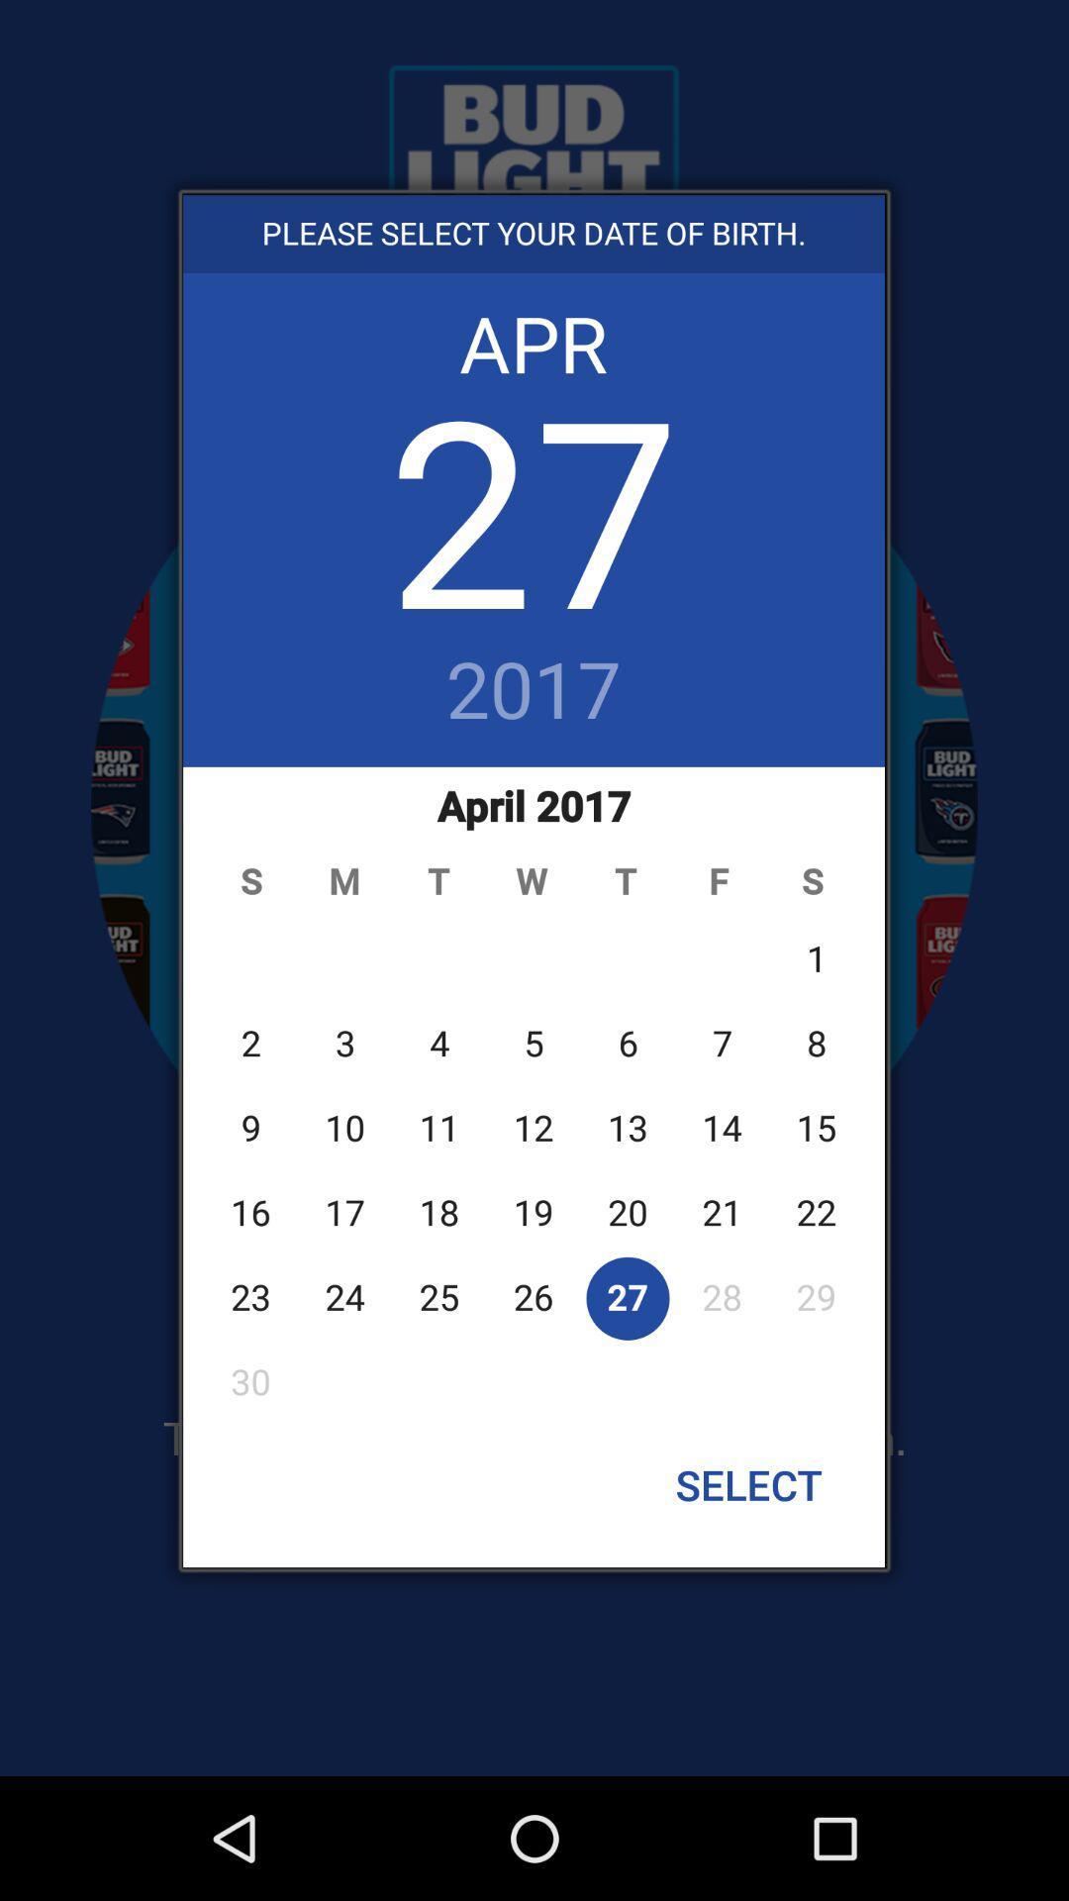 Image resolution: width=1069 pixels, height=1901 pixels. Describe the element at coordinates (533, 692) in the screenshot. I see `the 2017 icon` at that location.